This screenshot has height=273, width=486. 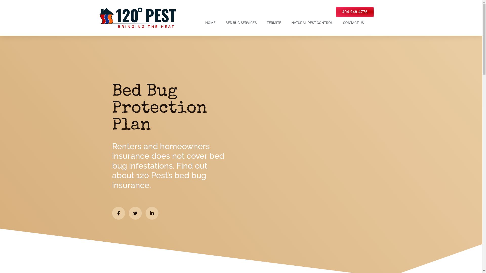 What do you see at coordinates (312, 22) in the screenshot?
I see `'NATURAL PEST CONTROL'` at bounding box center [312, 22].